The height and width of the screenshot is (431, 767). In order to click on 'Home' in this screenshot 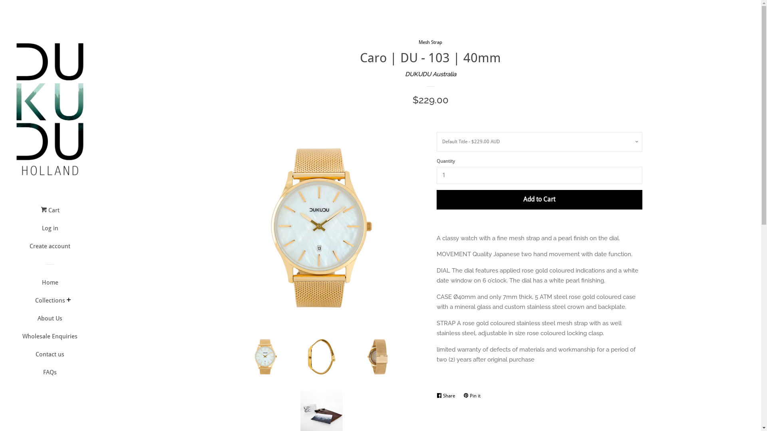, I will do `click(49, 285)`.